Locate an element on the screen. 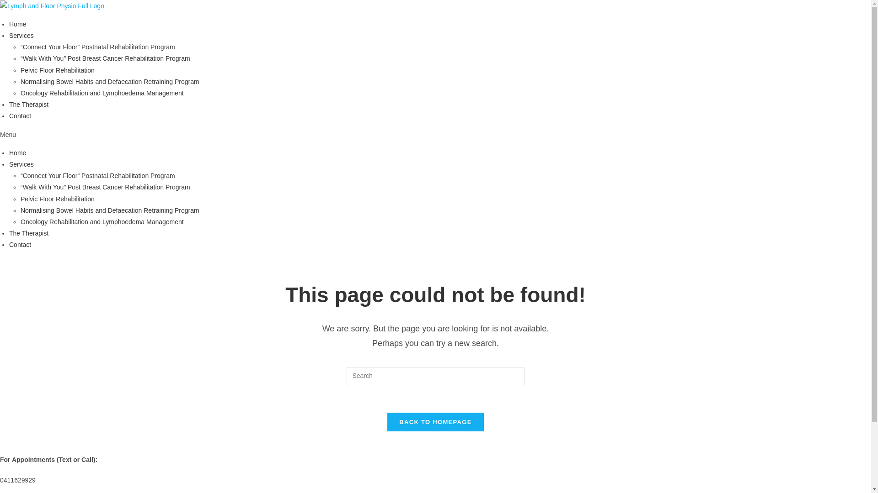 The width and height of the screenshot is (878, 493). 'Home' is located at coordinates (17, 152).